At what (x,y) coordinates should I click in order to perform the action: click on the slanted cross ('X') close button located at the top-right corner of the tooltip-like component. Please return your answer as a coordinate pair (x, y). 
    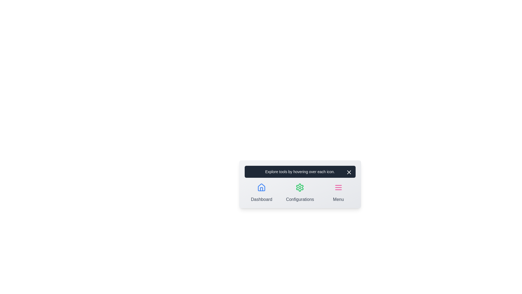
    Looking at the image, I should click on (349, 172).